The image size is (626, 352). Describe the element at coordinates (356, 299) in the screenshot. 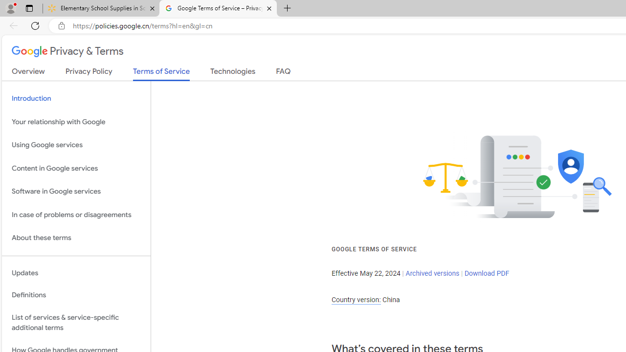

I see `'Country version:'` at that location.